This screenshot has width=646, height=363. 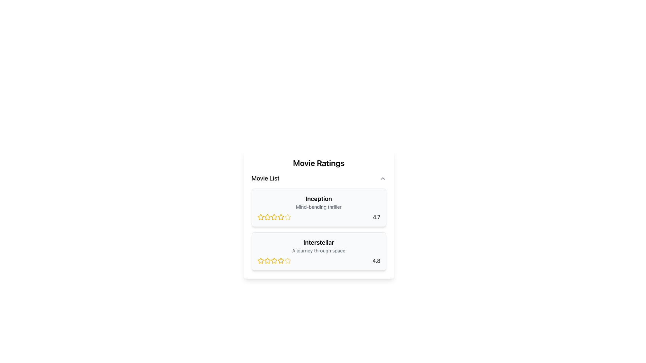 I want to click on the third rating star for the movie 'Interstellar', indicating a 3-star rating, so click(x=274, y=260).